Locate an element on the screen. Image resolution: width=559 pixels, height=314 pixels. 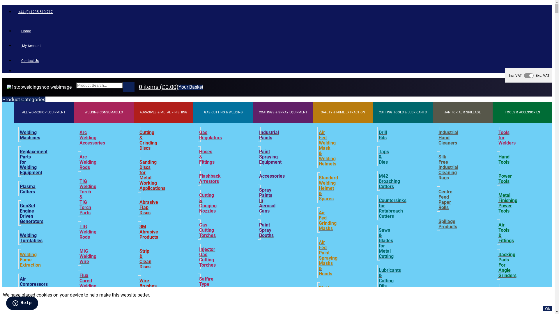
'TIG Welding Torch & TIG Torch Parts' is located at coordinates (88, 197).